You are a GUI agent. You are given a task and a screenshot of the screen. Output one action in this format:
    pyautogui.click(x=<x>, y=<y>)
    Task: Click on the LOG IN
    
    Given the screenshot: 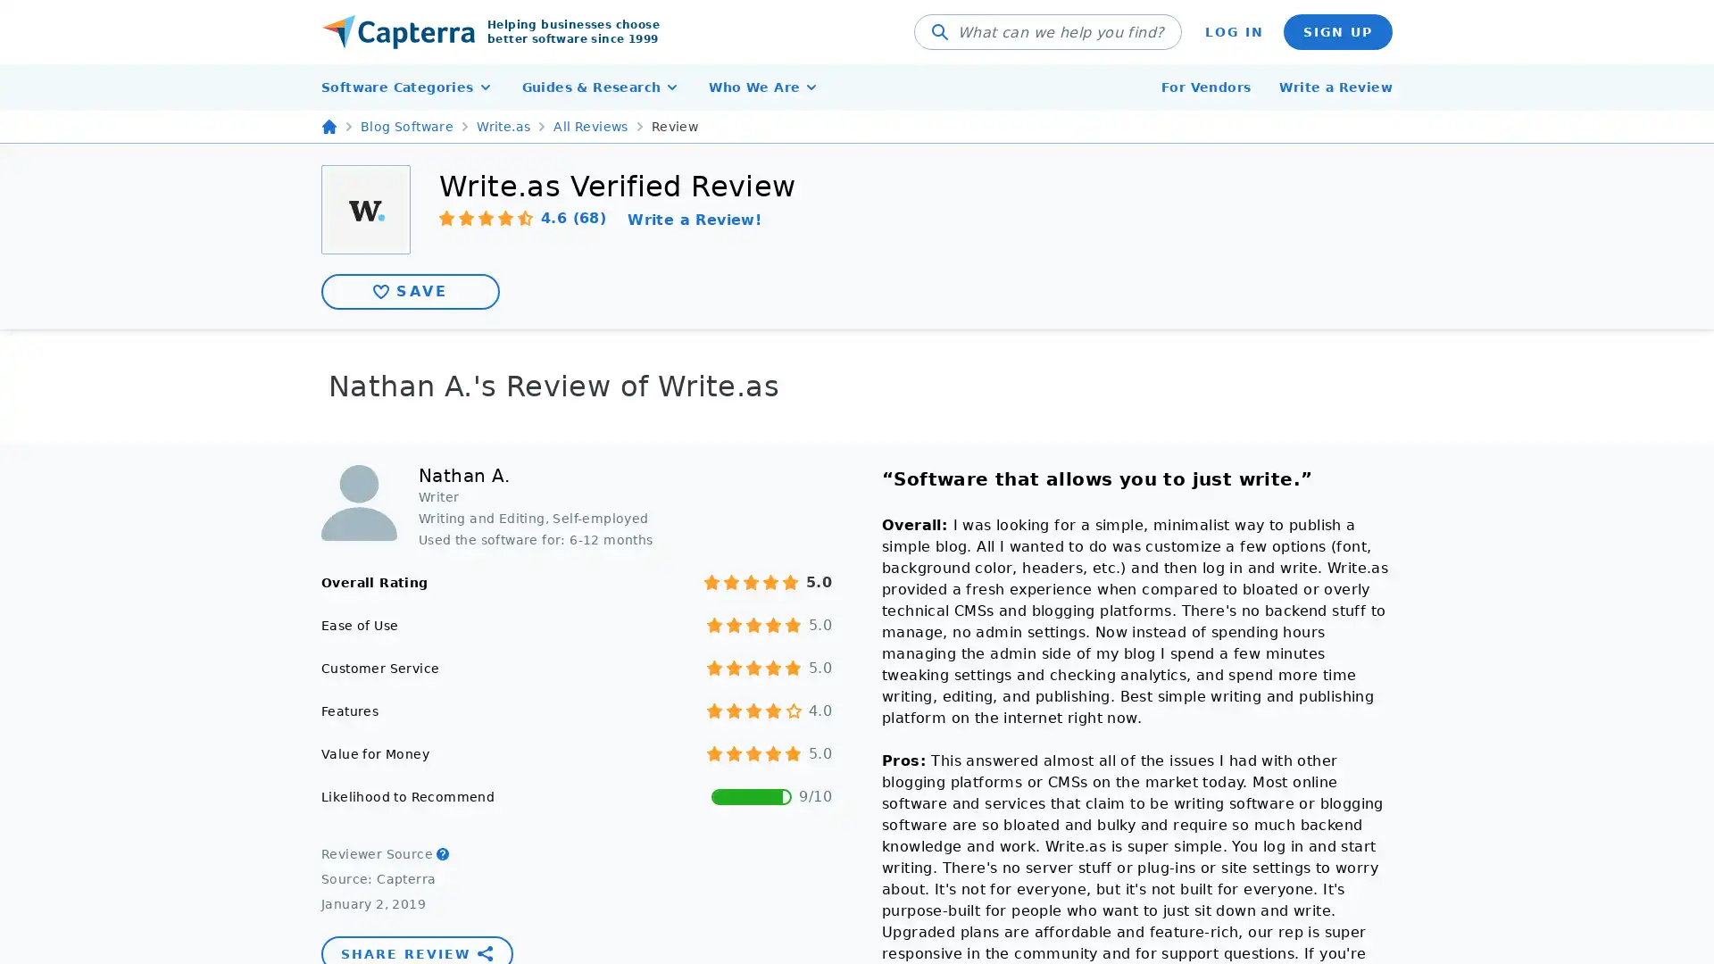 What is the action you would take?
    pyautogui.click(x=1233, y=31)
    